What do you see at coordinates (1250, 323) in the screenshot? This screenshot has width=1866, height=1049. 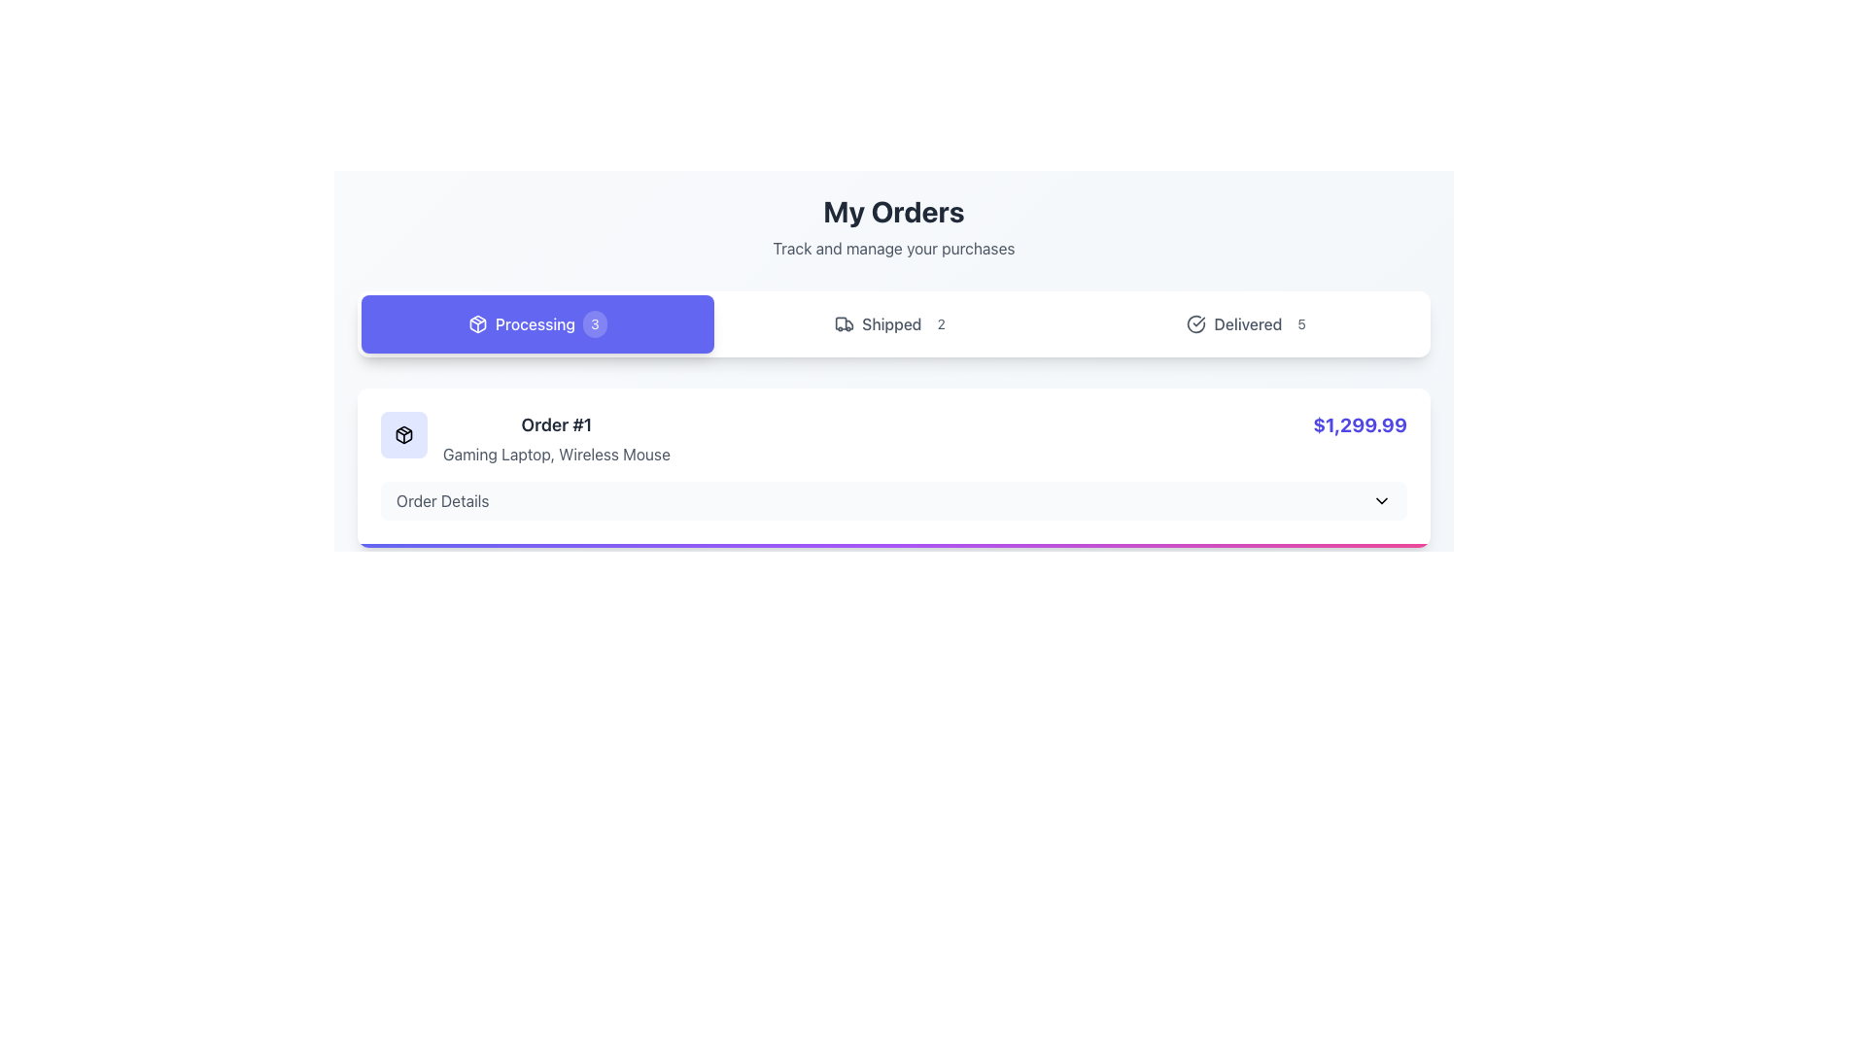 I see `the Clickable status filter button that indicates the status of delivered items, allowing keyboard navigation` at bounding box center [1250, 323].